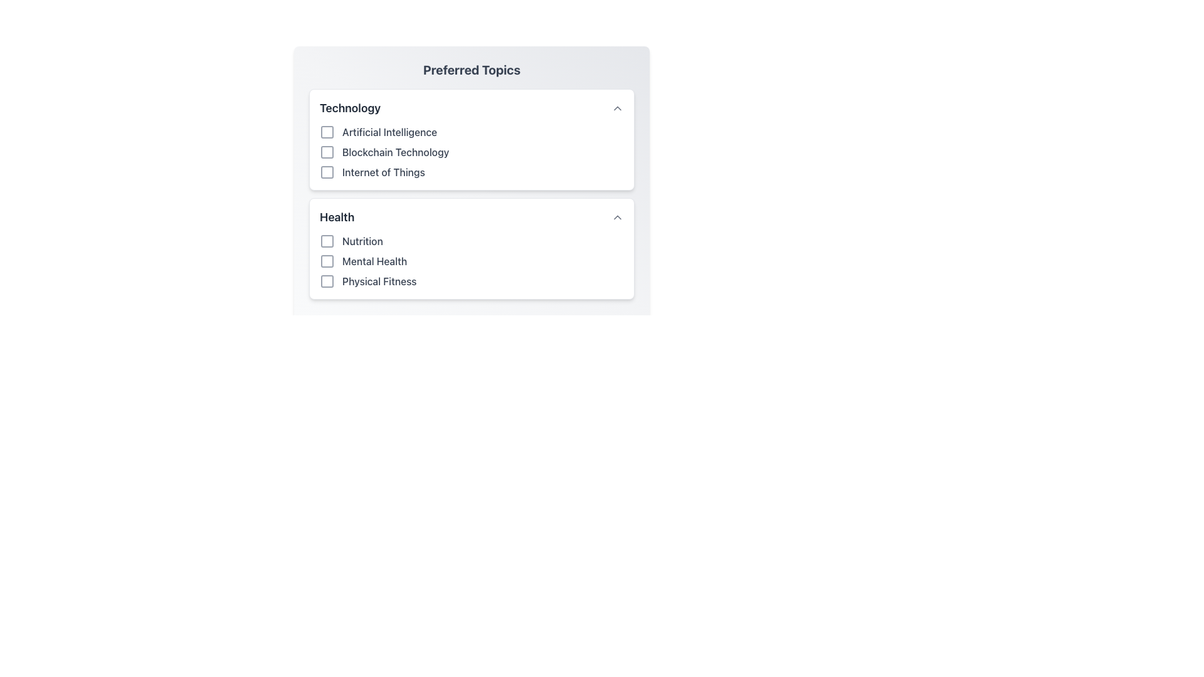  Describe the element at coordinates (383, 172) in the screenshot. I see `the label for the 'Internet of Things' checkbox, which is located to the right of the checkbox in the 'Technology' subsection of the 'Preferred Topics' section` at that location.